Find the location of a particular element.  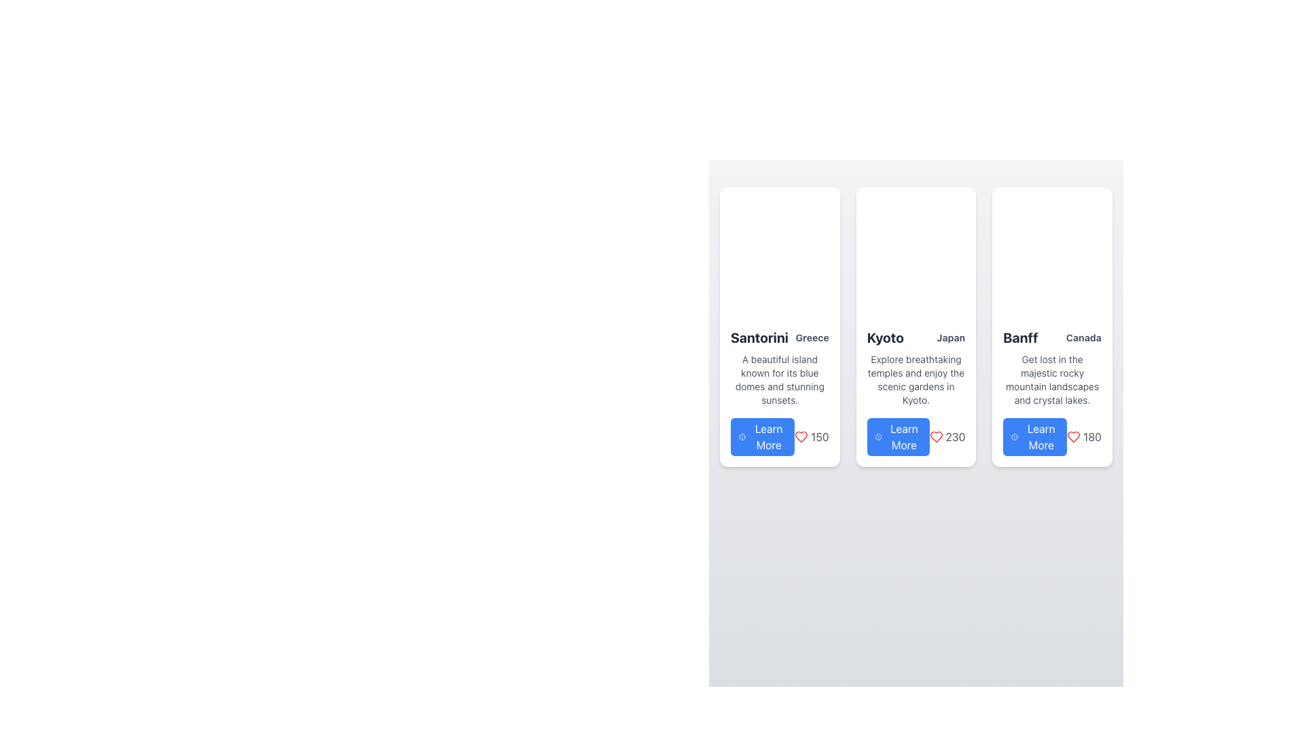

the Text Label displaying the country name 'Japan', which is positioned to the right of the 'Kyoto' title in the card layout is located at coordinates (950, 337).